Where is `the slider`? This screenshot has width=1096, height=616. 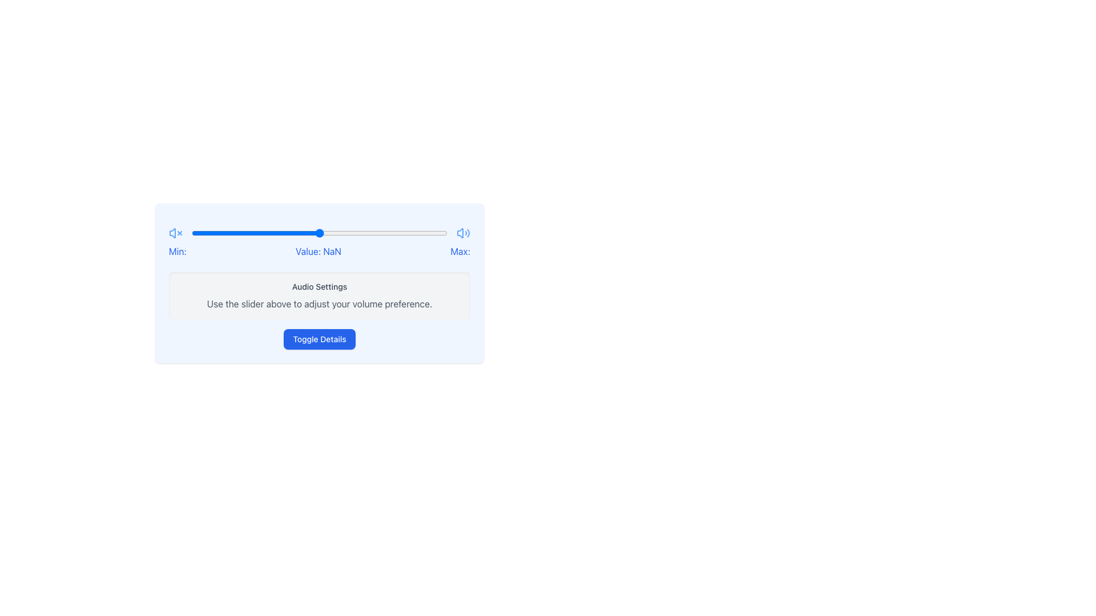
the slider is located at coordinates (418, 232).